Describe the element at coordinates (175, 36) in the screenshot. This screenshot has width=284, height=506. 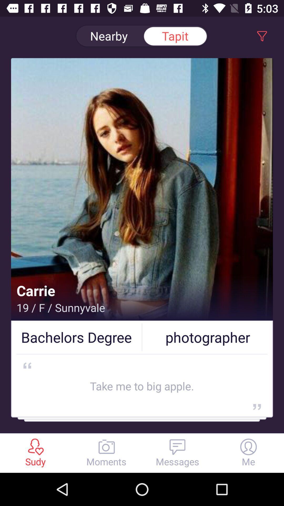
I see `tapit` at that location.